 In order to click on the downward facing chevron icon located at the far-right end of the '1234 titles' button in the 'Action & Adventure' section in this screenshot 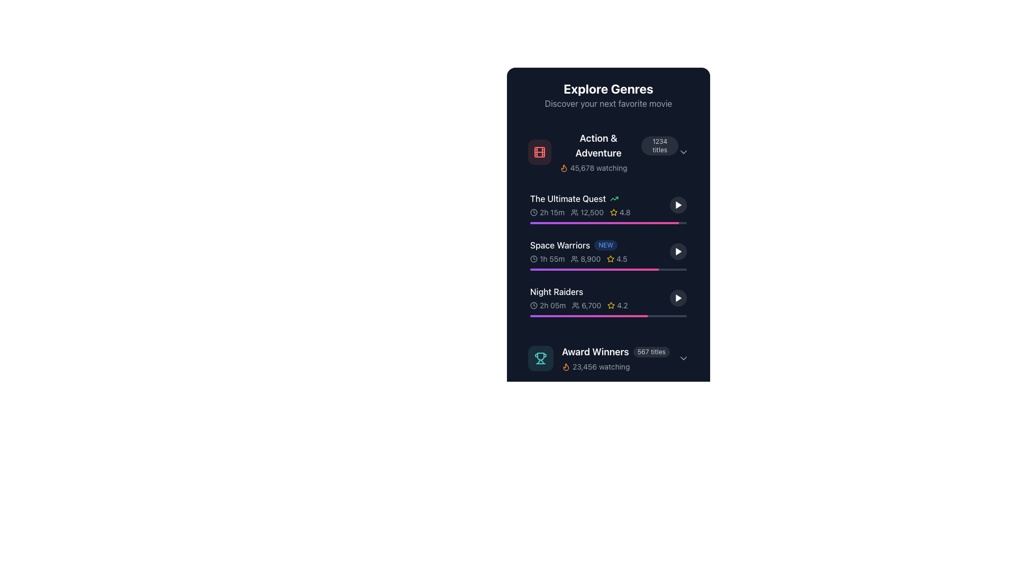, I will do `click(683, 152)`.